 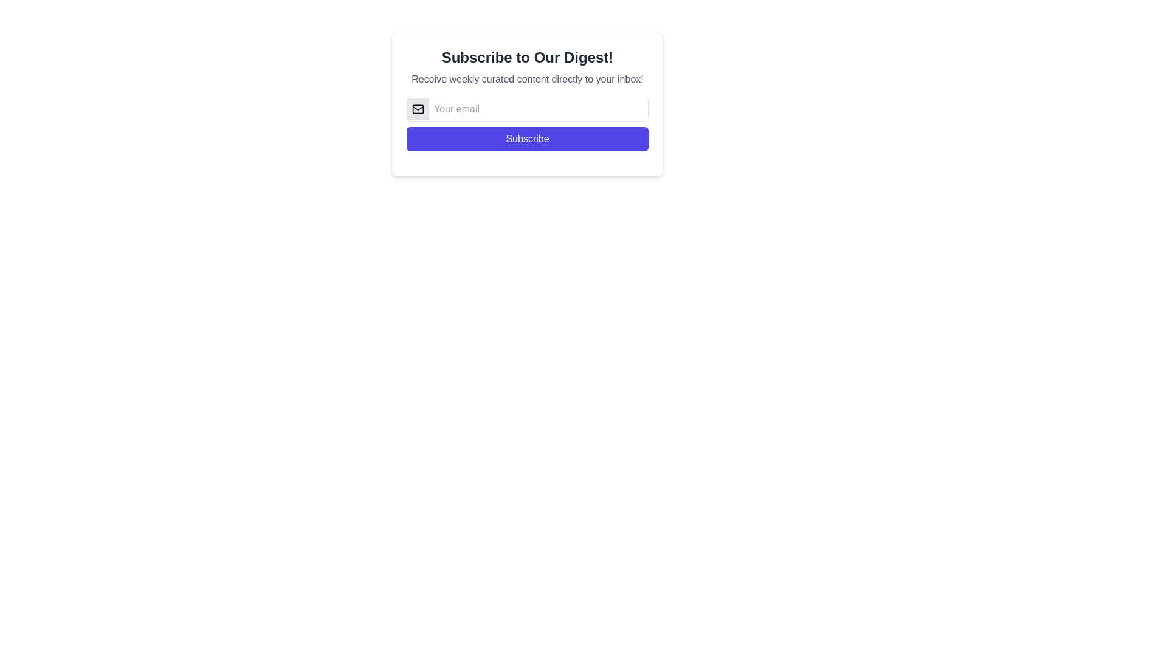 I want to click on the gray square mail icon in the subscription form, which is positioned to the left of the 'Your email' input field, so click(x=418, y=109).